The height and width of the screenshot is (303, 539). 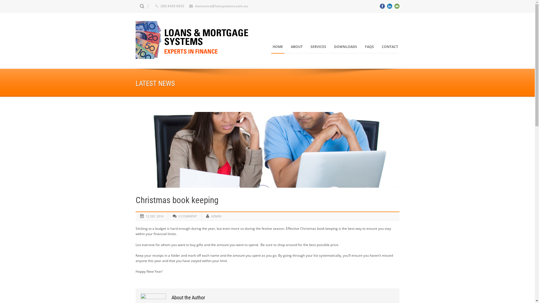 I want to click on '12 DEC 2014', so click(x=154, y=216).